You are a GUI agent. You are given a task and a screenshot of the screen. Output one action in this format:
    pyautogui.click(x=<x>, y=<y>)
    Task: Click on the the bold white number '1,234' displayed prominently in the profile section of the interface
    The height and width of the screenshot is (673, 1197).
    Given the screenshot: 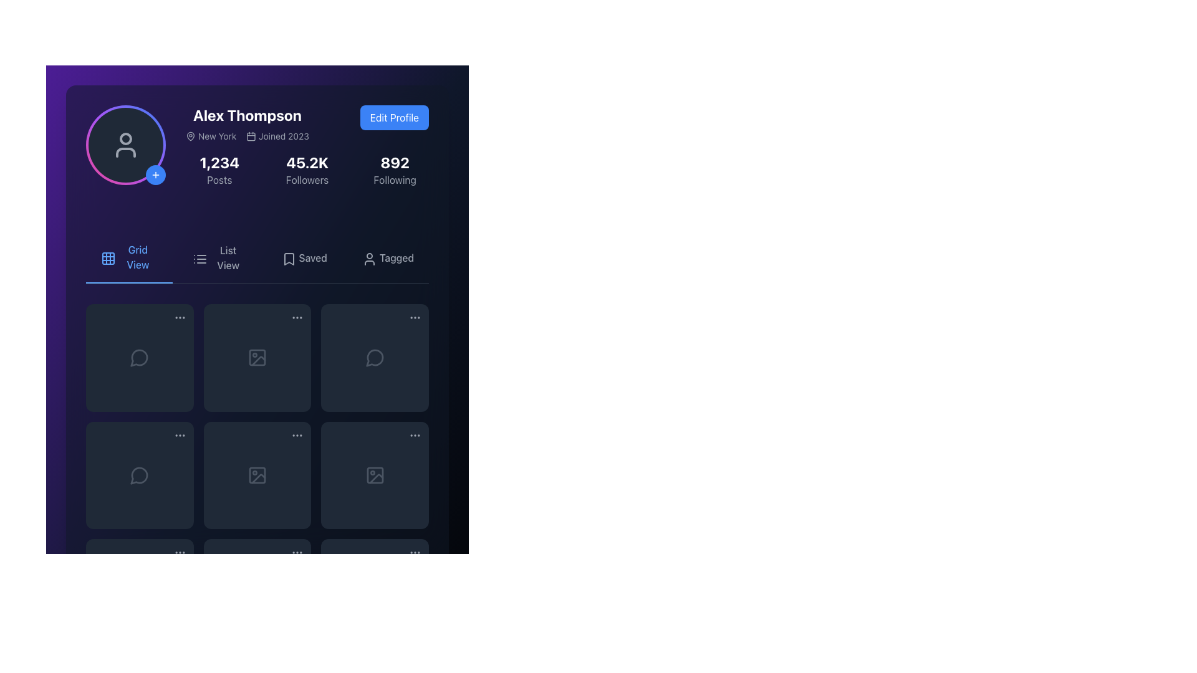 What is the action you would take?
    pyautogui.click(x=219, y=162)
    